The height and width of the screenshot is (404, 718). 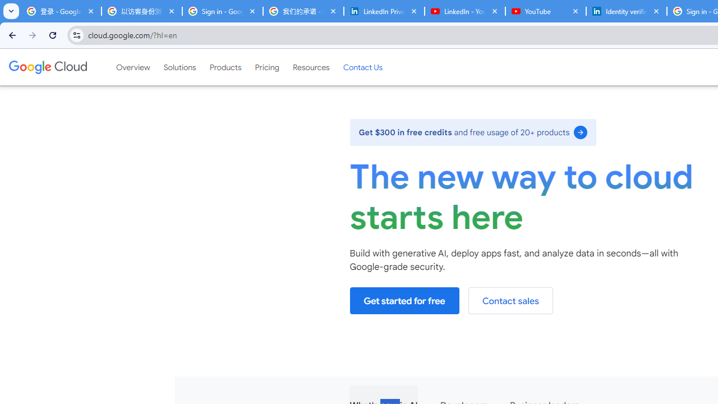 What do you see at coordinates (266, 67) in the screenshot?
I see `'Pricing'` at bounding box center [266, 67].